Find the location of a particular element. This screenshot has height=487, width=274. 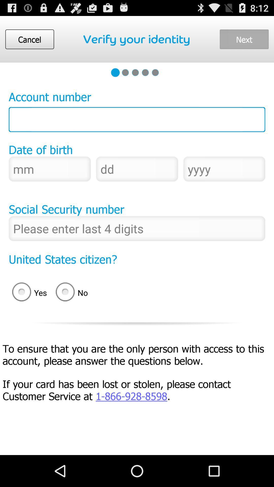

no item is located at coordinates (73, 293).